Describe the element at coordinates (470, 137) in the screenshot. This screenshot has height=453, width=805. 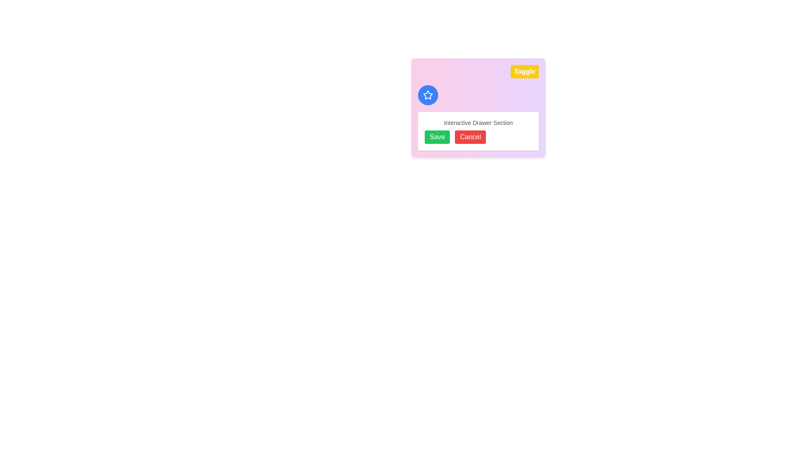
I see `the 'Cancel' button located to the right of the green 'Save' button in the lower section of the interactive drawer interface` at that location.